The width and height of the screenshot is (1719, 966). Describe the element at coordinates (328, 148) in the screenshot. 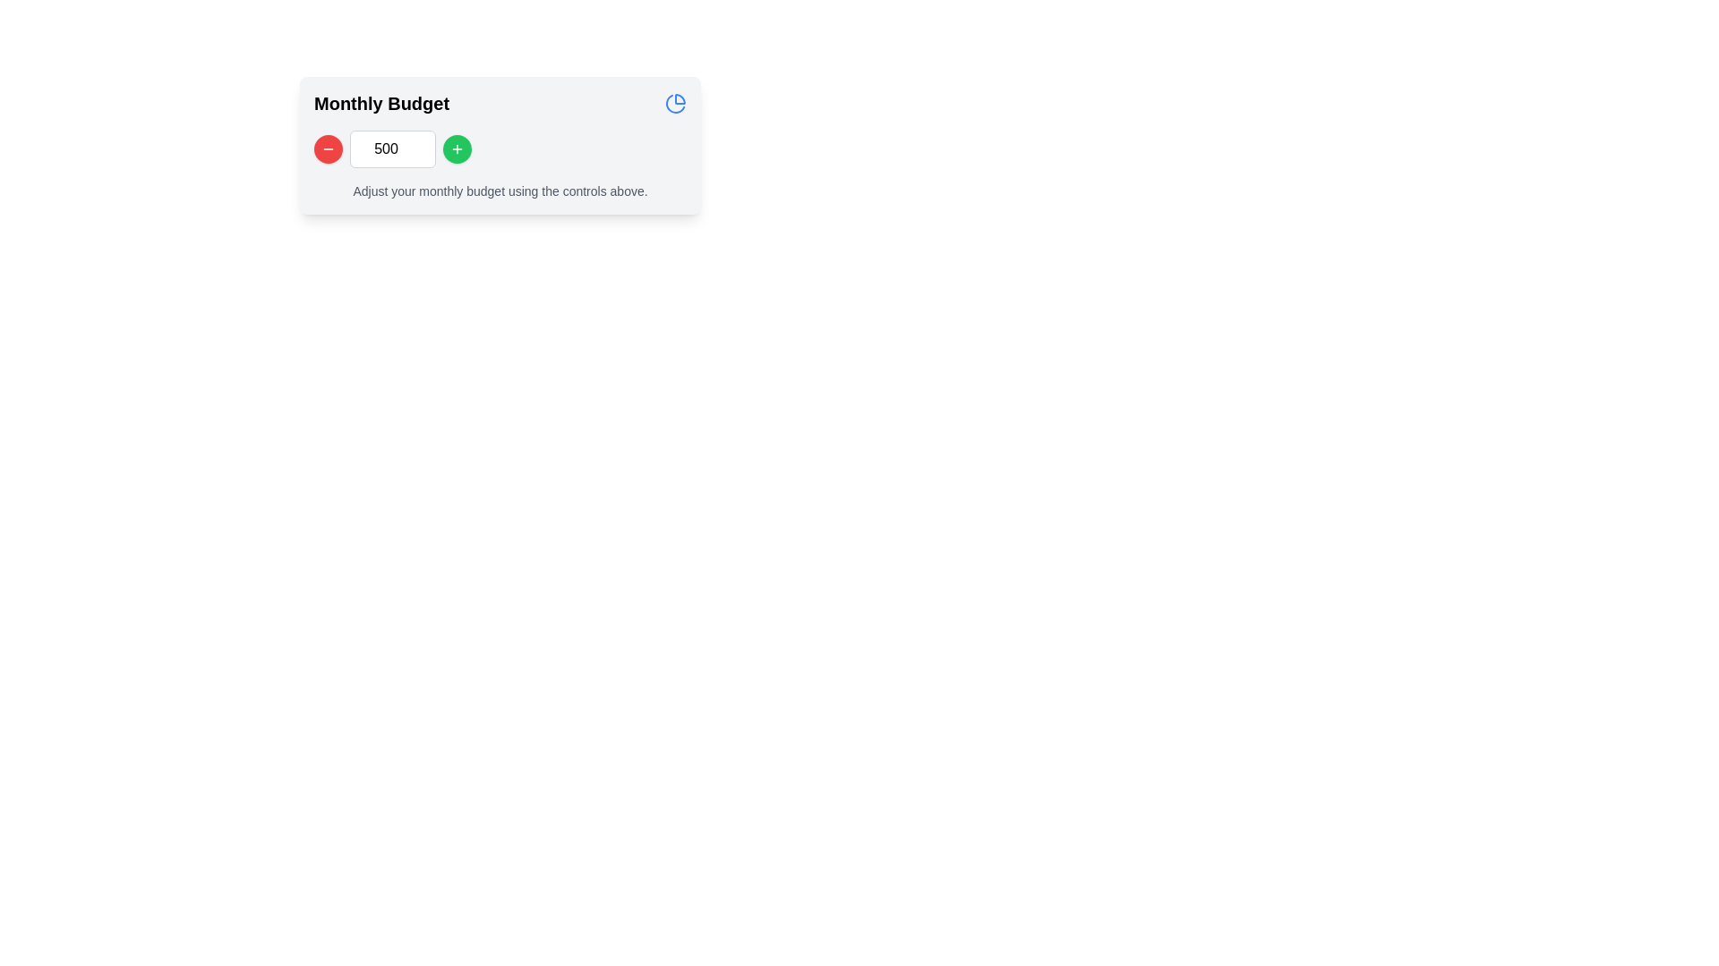

I see `the circular red button with a minus symbol` at that location.